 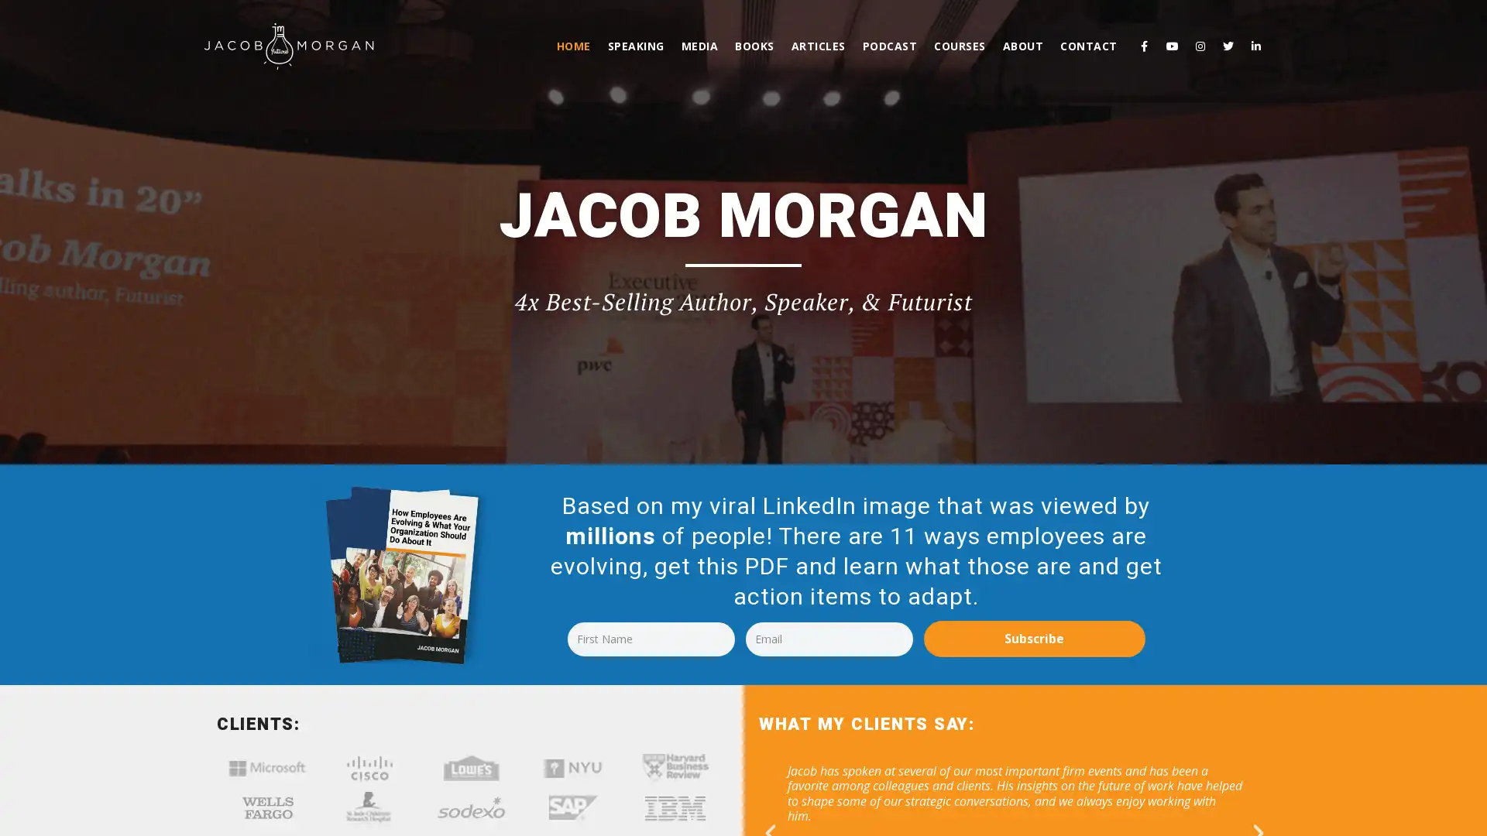 What do you see at coordinates (1034, 639) in the screenshot?
I see `Subscribe` at bounding box center [1034, 639].